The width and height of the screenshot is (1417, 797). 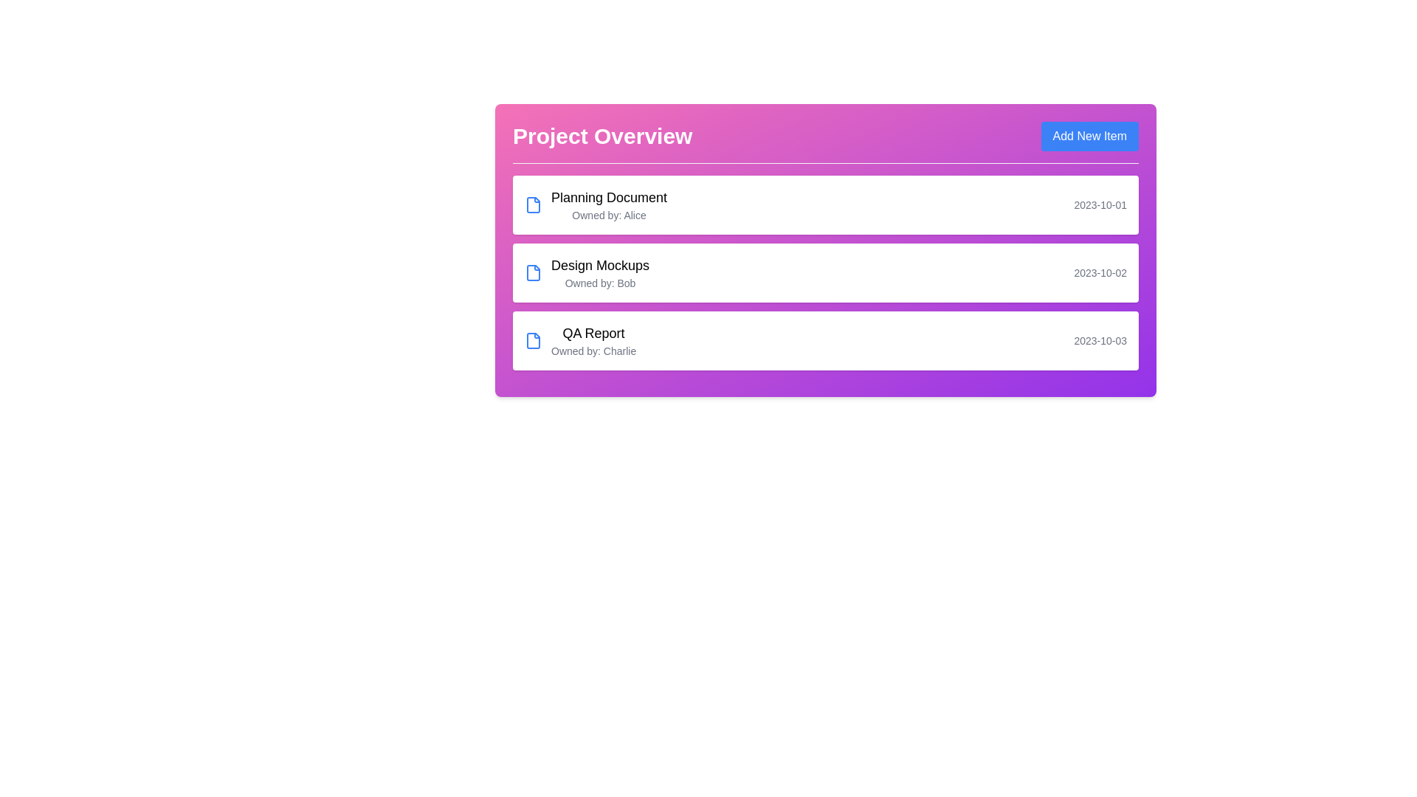 I want to click on the text label that identifies the 'QA Report' item in the project overview layout, so click(x=593, y=333).